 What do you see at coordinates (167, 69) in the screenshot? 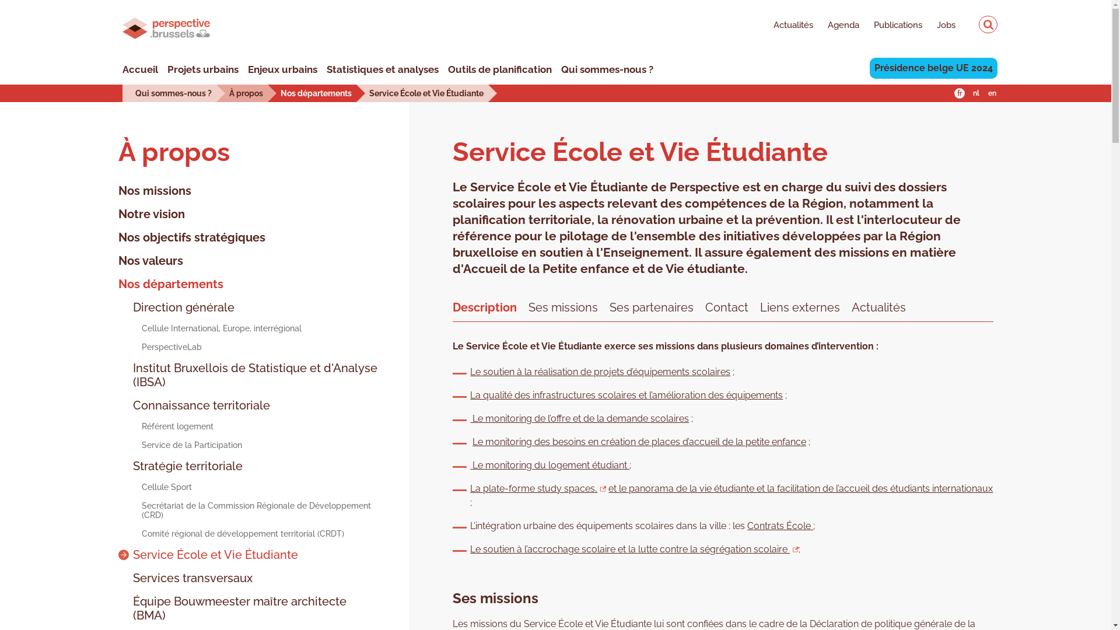
I see `'Projets urbains'` at bounding box center [167, 69].